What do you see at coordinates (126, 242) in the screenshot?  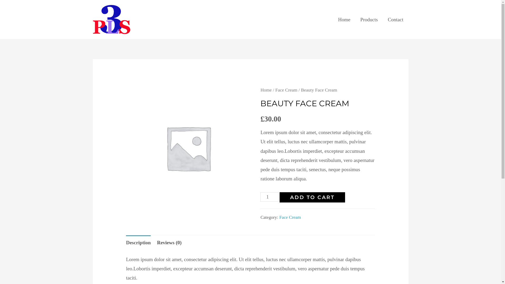 I see `'Description'` at bounding box center [126, 242].